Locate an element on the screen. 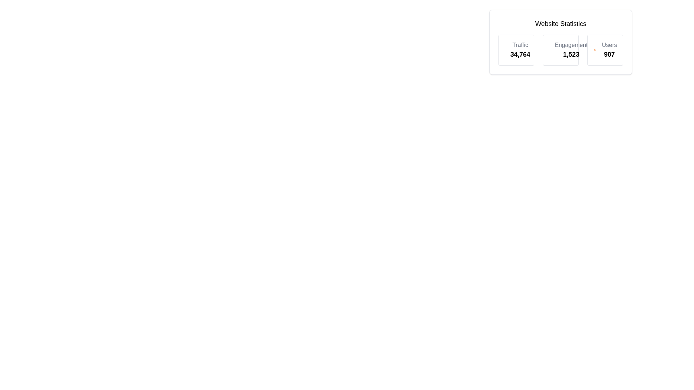 The width and height of the screenshot is (694, 390). the text label containing the word 'Engagement' in gray color, which is positioned above the numeric value '1,523' in the statistics card labeled 'Website Statistics' is located at coordinates (571, 45).